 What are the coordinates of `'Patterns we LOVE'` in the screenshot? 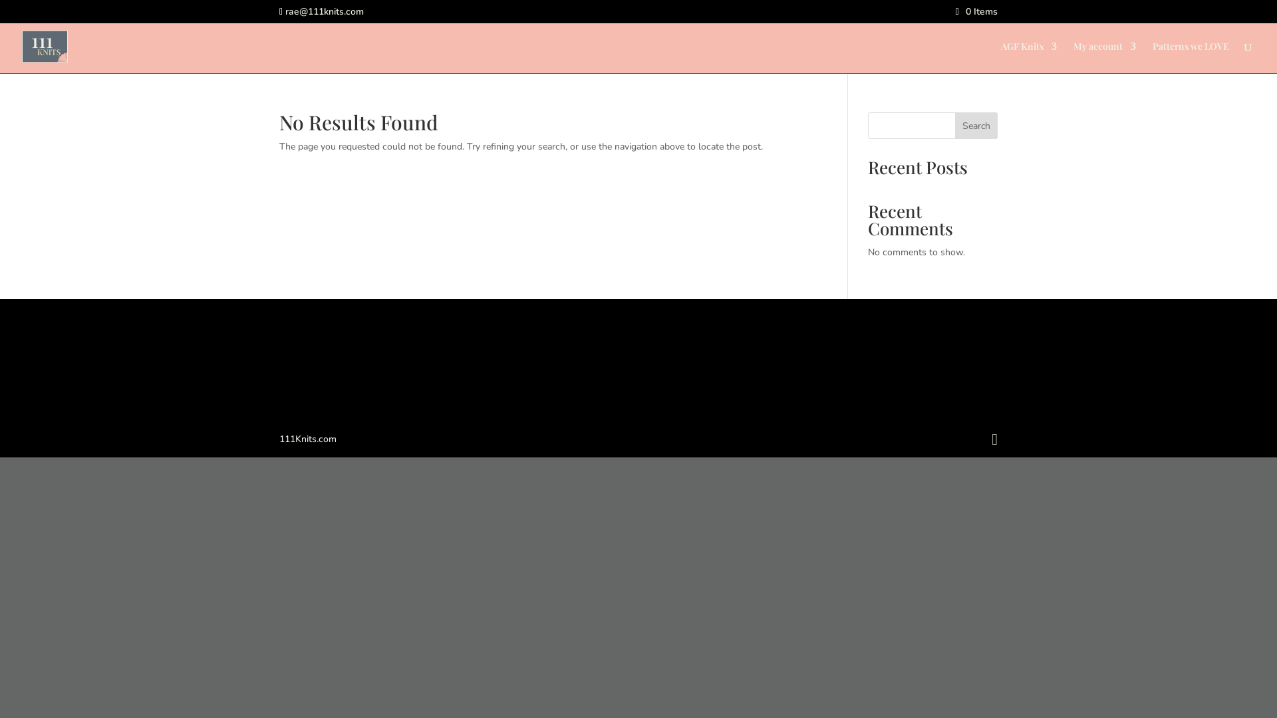 It's located at (1191, 57).